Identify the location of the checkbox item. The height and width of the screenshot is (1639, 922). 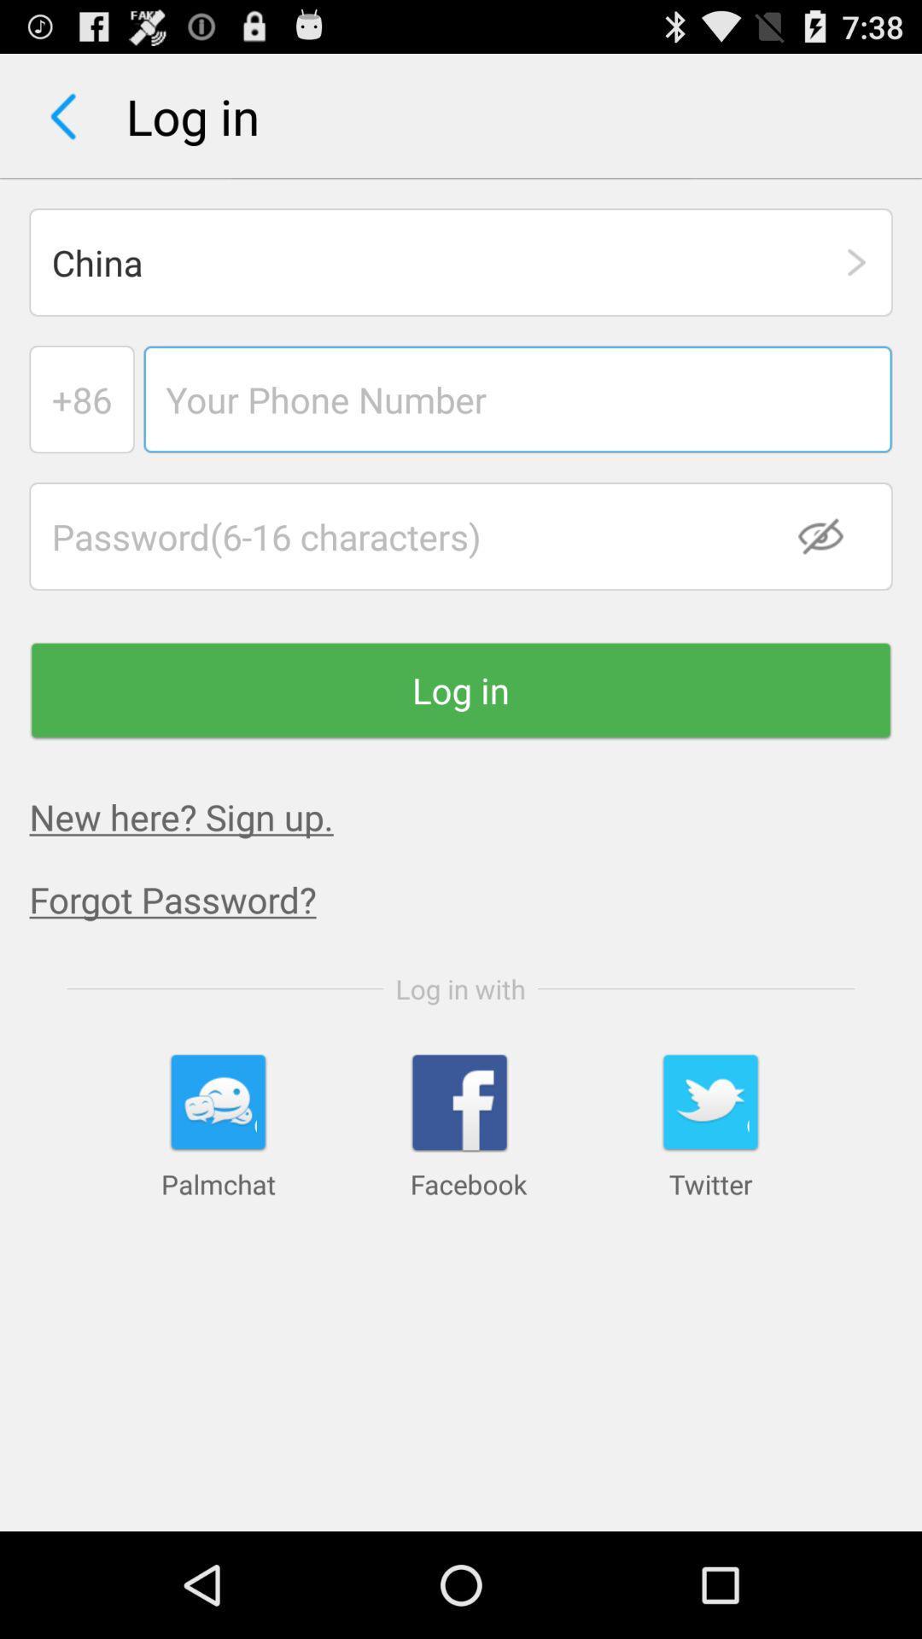
(831, 535).